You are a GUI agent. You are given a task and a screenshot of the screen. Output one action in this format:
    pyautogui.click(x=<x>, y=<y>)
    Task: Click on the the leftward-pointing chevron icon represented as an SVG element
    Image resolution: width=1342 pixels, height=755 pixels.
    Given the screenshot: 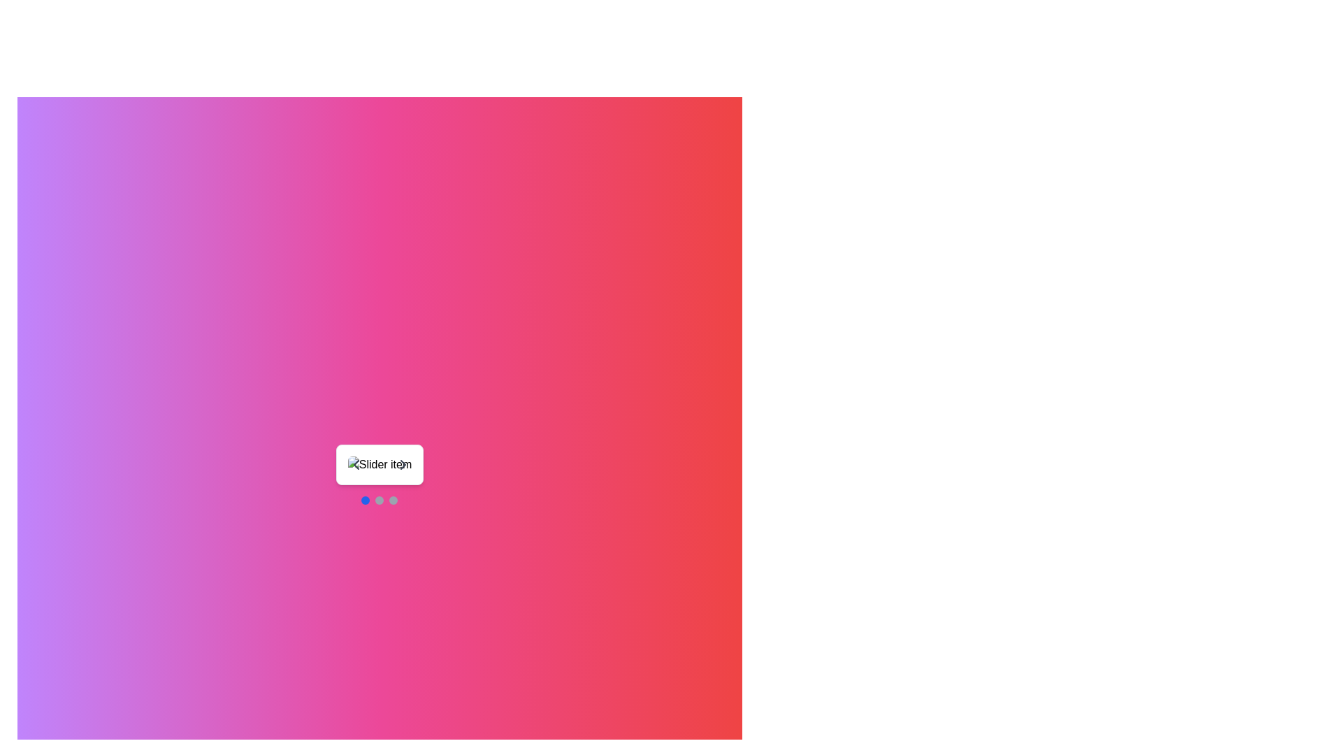 What is the action you would take?
    pyautogui.click(x=356, y=464)
    